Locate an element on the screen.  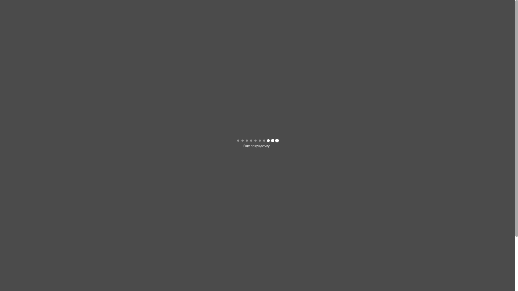
'+375 (44) 733-43-86' is located at coordinates (408, 7).